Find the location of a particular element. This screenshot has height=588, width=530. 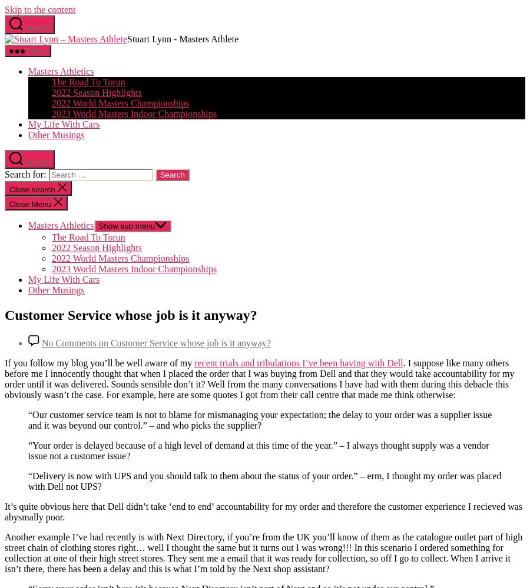

'It’s quite obvious here that Dell didn’t take ‘end to end’ accountability for my order and therefore the customer experience I recieved was abysmally poor.' is located at coordinates (263, 510).